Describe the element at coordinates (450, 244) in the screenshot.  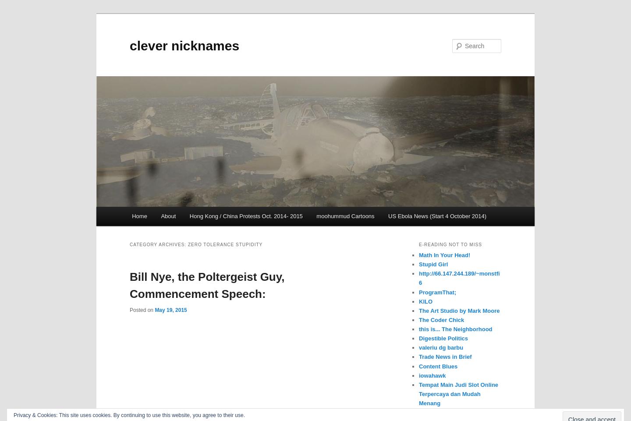
I see `'e-Reading not to miss'` at that location.